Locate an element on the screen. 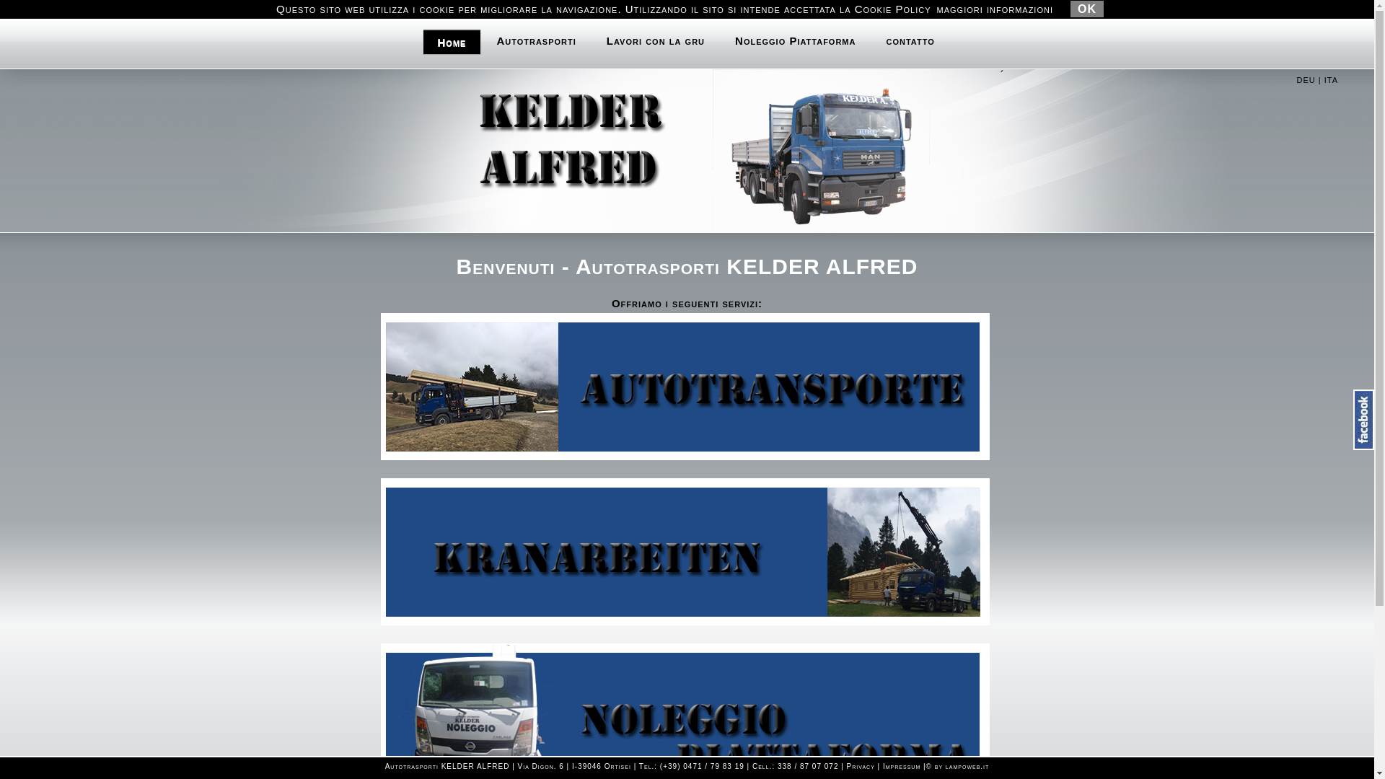  'Impressum' is located at coordinates (900, 765).